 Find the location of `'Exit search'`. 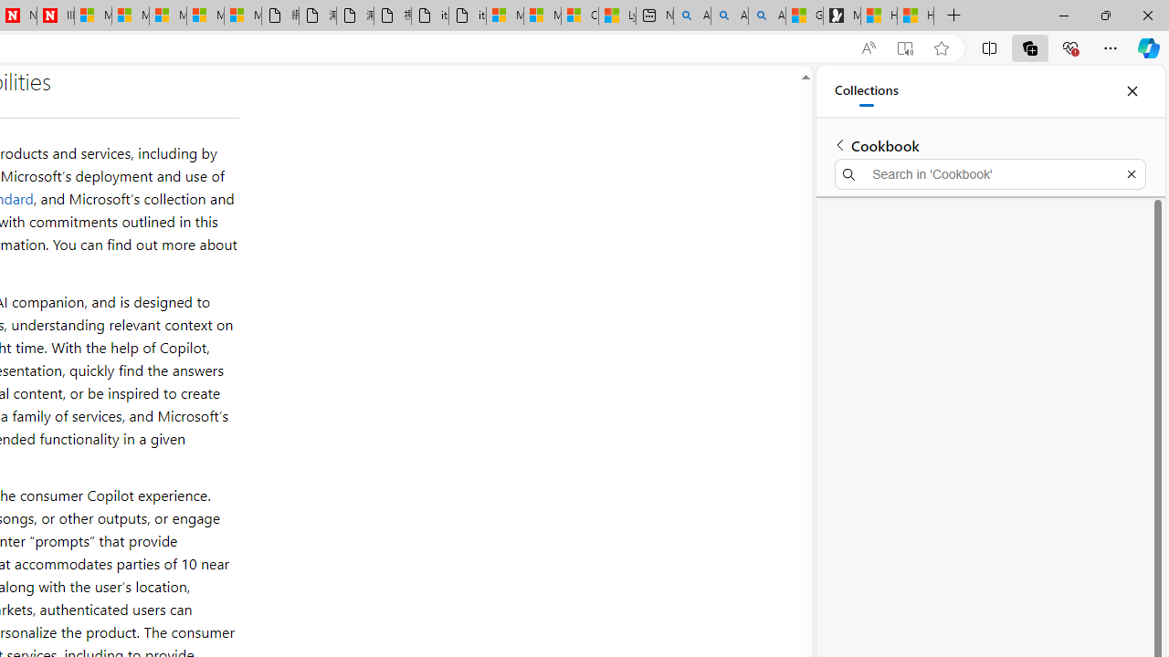

'Exit search' is located at coordinates (1131, 174).